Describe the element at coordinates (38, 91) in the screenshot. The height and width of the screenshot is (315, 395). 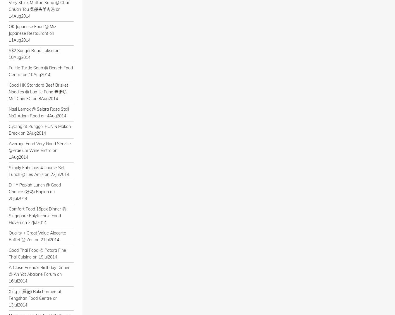
I see `'Good HK Standard Beef Brisket Noodles @ Lao Jie Fang 老街坊 Mei Chin FC on 8Aug2014'` at that location.